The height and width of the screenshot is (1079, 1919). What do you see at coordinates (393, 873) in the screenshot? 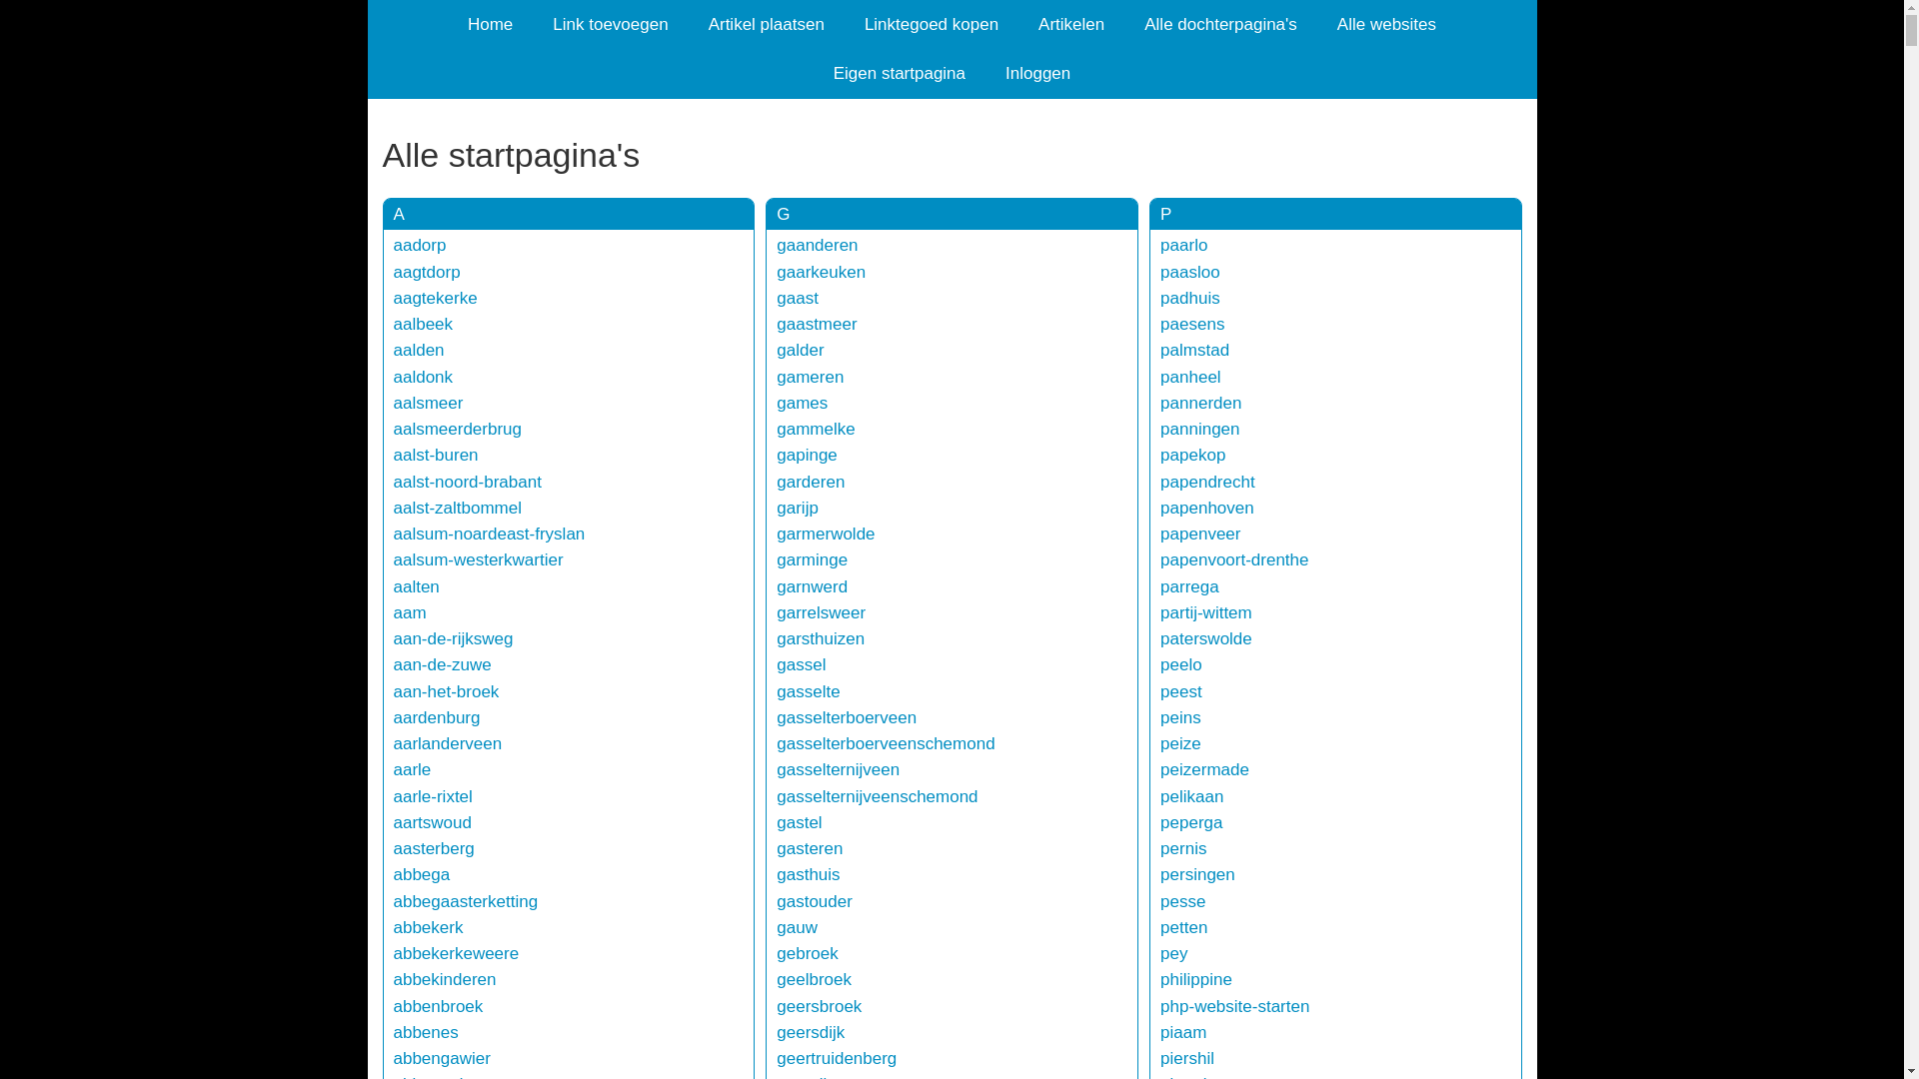
I see `'abbega'` at bounding box center [393, 873].